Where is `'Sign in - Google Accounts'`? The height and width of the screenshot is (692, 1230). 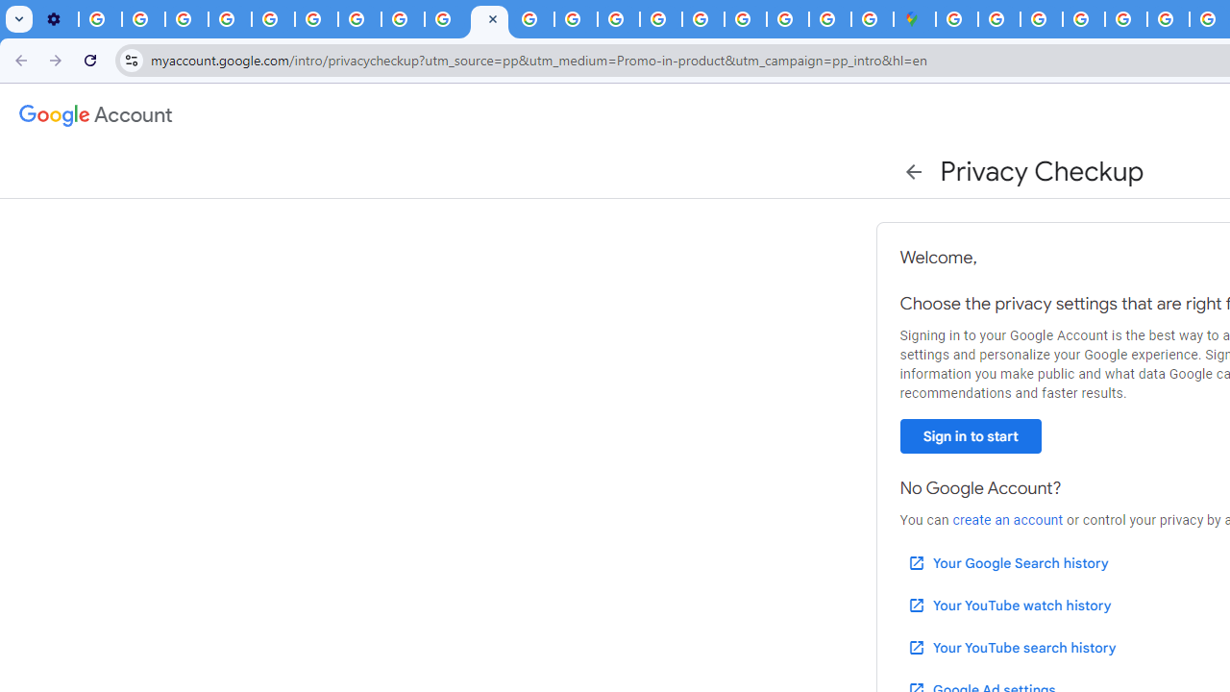 'Sign in - Google Accounts' is located at coordinates (956, 19).